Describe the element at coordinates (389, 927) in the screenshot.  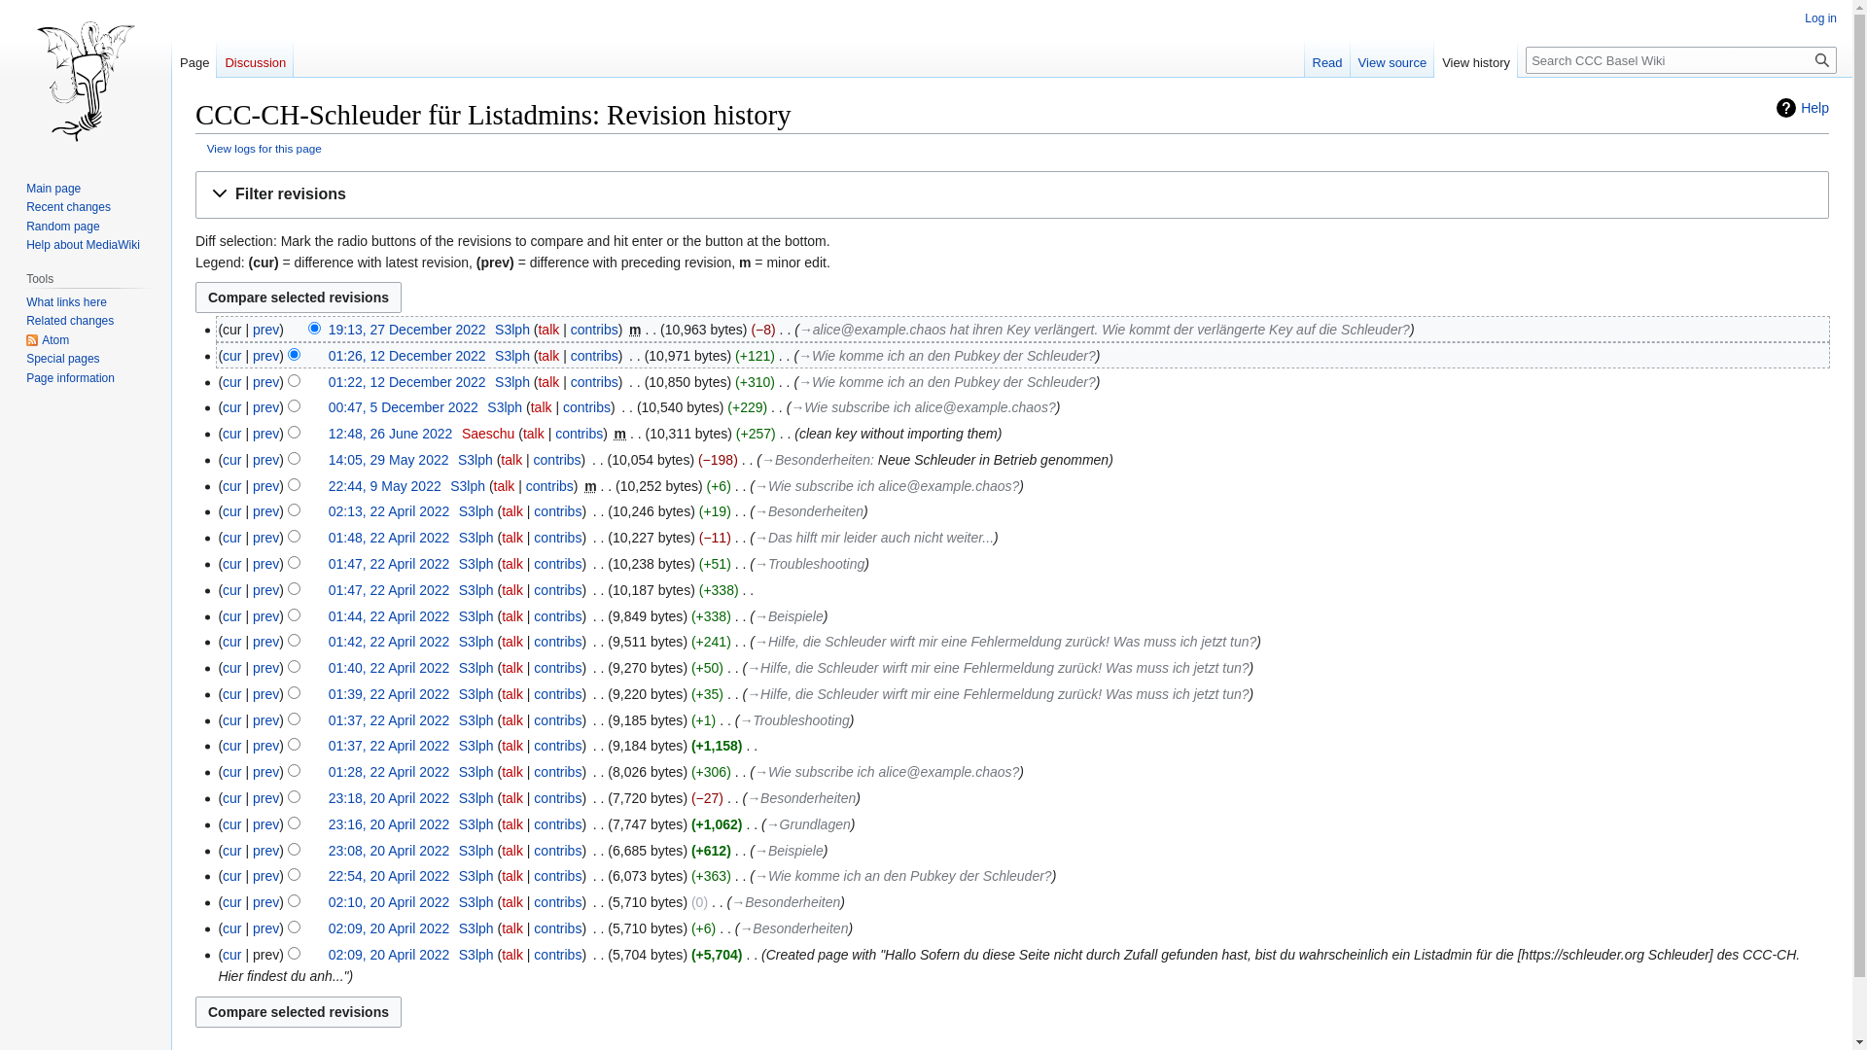
I see `'02:09, 20 April 2022'` at that location.